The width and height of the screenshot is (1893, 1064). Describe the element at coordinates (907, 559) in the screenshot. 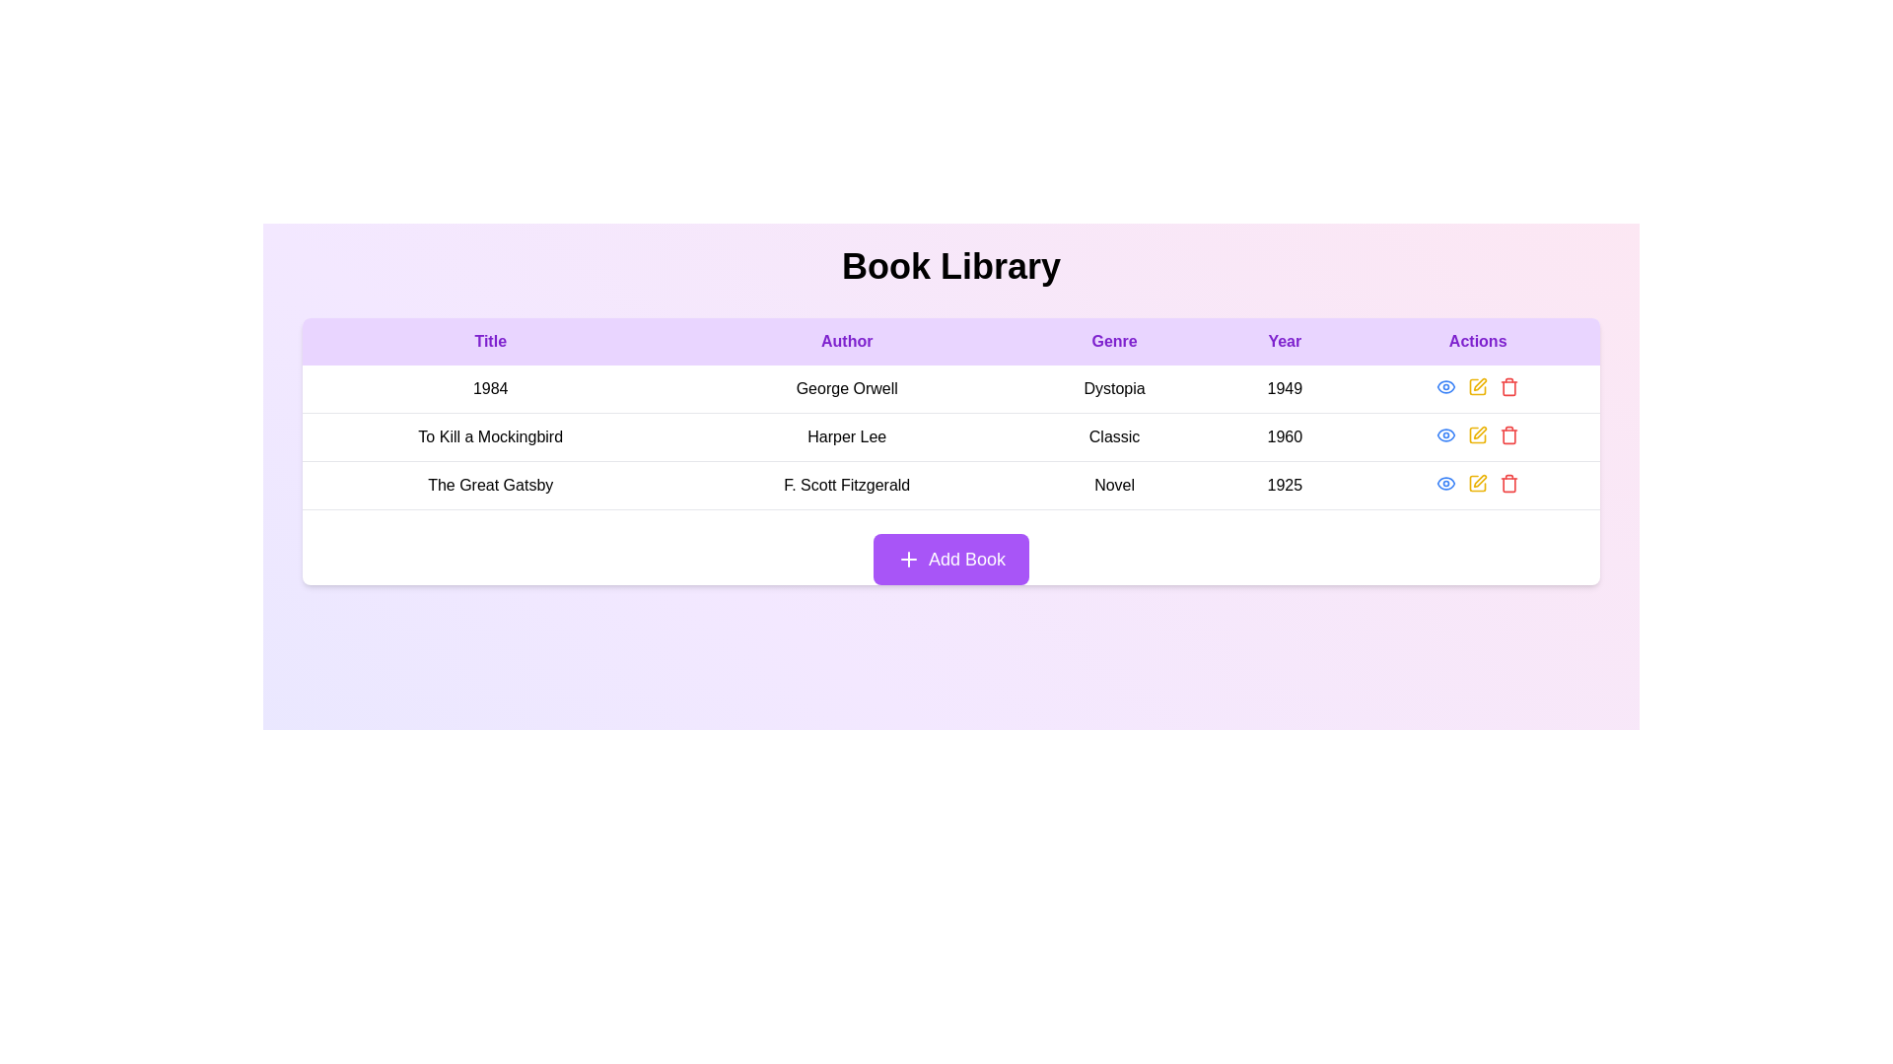

I see `the minimalist plus icon within the 'Add Book' button, which is centrally located below a table` at that location.